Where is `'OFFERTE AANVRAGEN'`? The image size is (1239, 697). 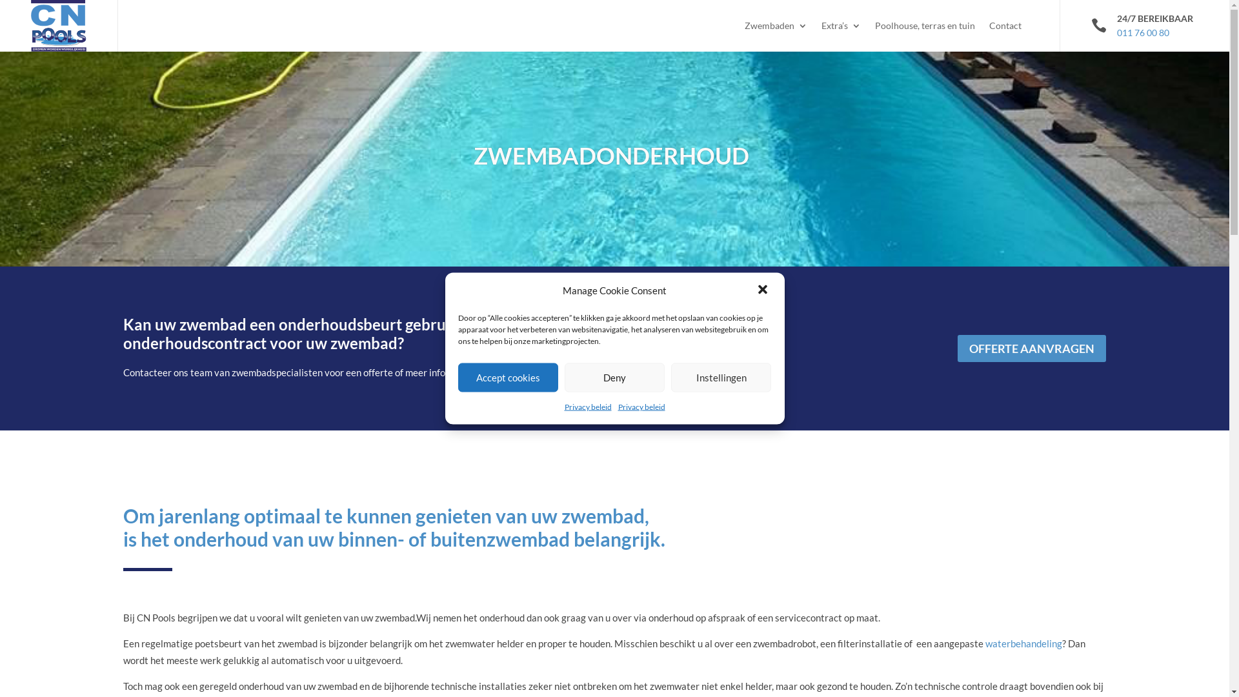
'OFFERTE AANVRAGEN' is located at coordinates (1031, 347).